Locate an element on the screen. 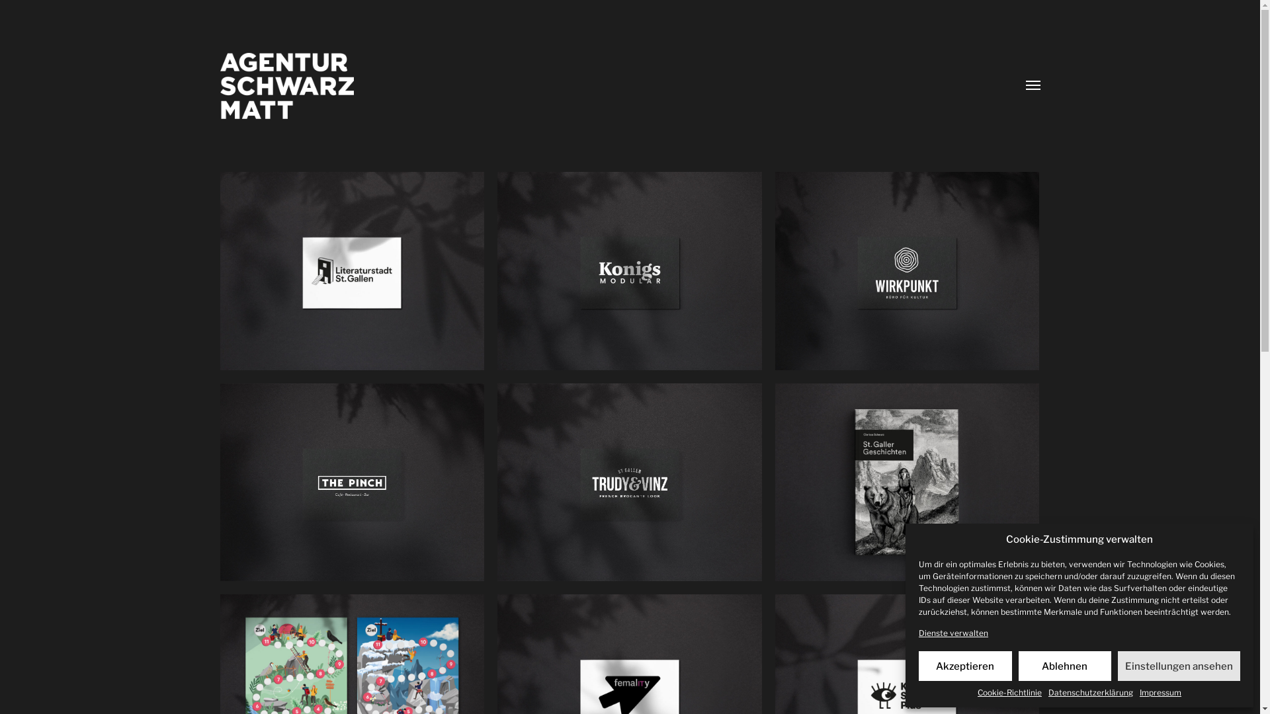 The width and height of the screenshot is (1270, 714). 'Agentur Schwarzmatt GmbH' is located at coordinates (219, 86).